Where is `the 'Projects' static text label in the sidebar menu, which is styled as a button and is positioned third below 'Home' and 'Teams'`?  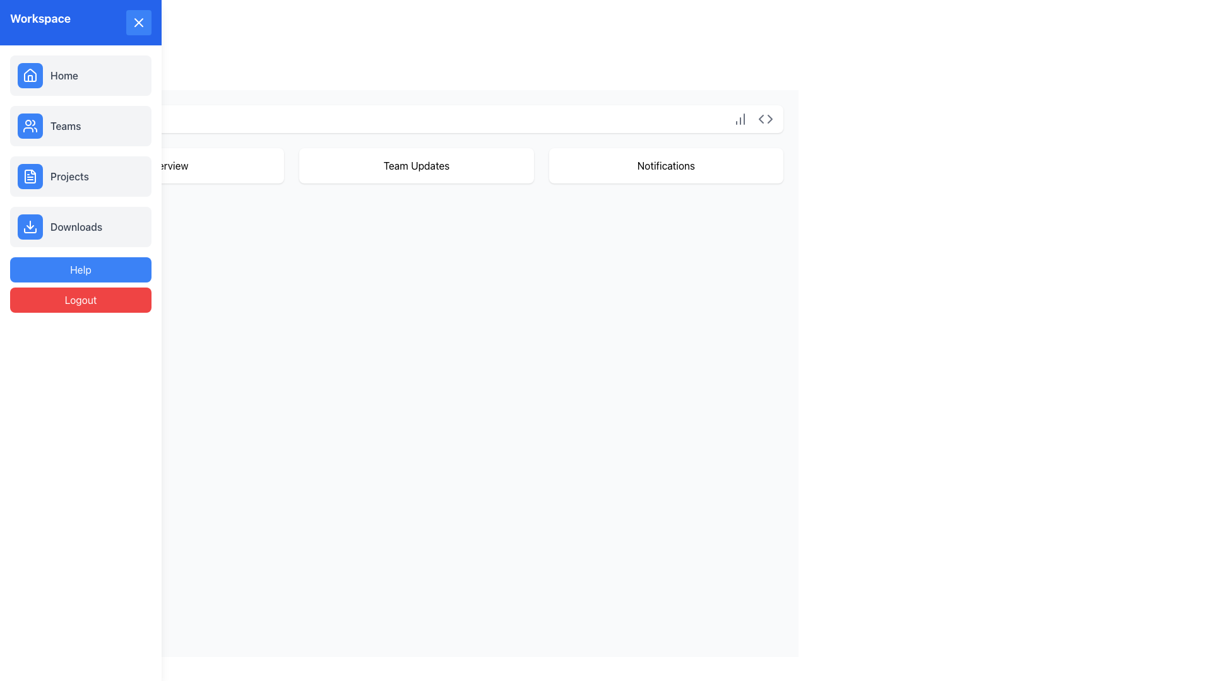
the 'Projects' static text label in the sidebar menu, which is styled as a button and is positioned third below 'Home' and 'Teams' is located at coordinates (69, 177).